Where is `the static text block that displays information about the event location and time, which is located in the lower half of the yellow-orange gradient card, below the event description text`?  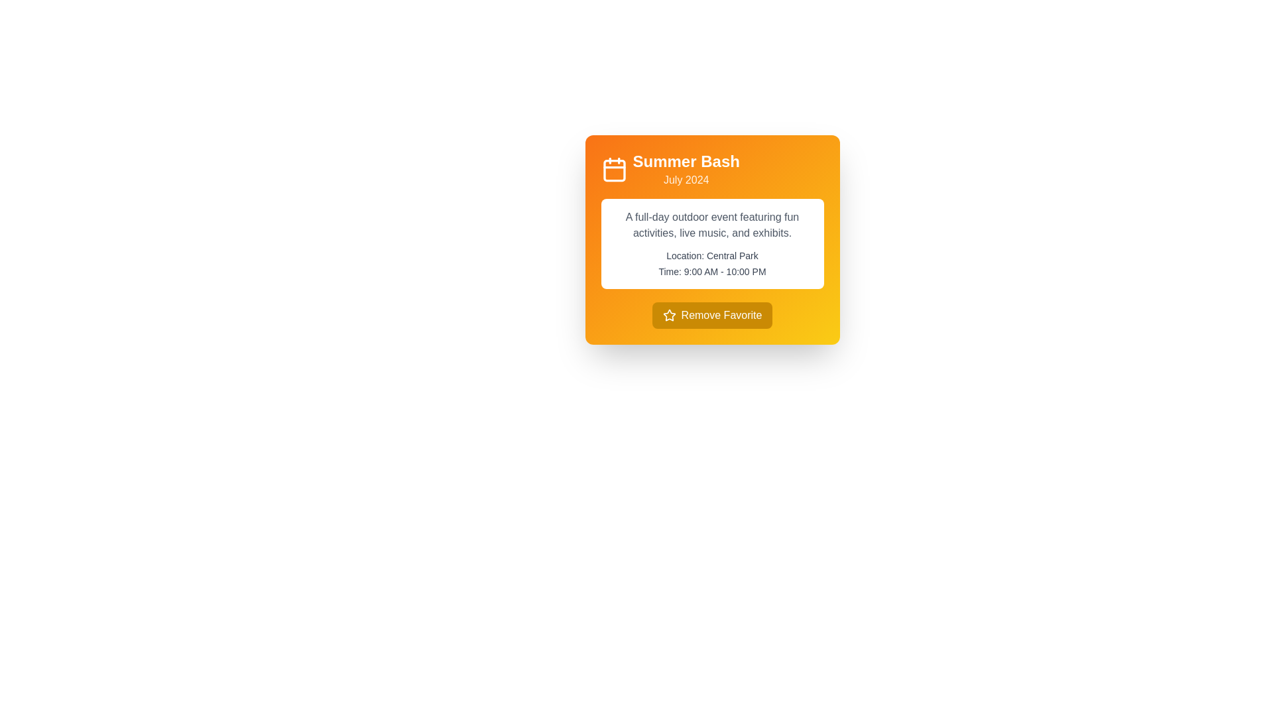 the static text block that displays information about the event location and time, which is located in the lower half of the yellow-orange gradient card, below the event description text is located at coordinates (711, 263).